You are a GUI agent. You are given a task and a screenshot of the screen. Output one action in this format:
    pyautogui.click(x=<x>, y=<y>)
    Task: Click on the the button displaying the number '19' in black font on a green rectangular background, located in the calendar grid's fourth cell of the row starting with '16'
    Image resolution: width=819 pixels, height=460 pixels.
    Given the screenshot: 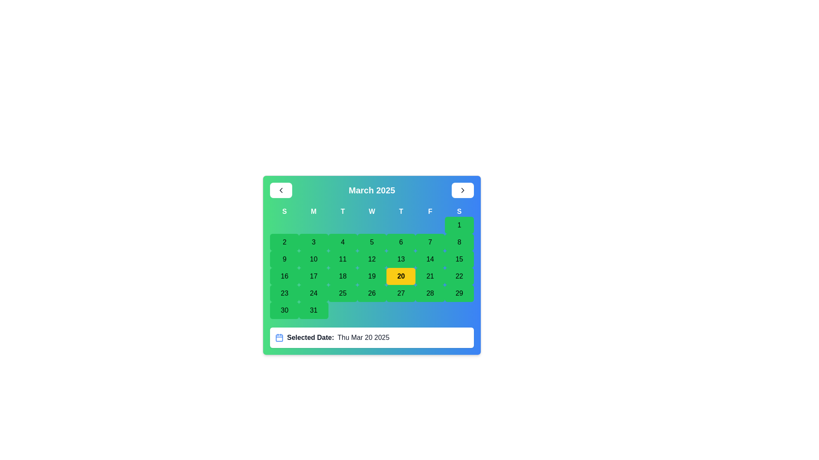 What is the action you would take?
    pyautogui.click(x=372, y=276)
    